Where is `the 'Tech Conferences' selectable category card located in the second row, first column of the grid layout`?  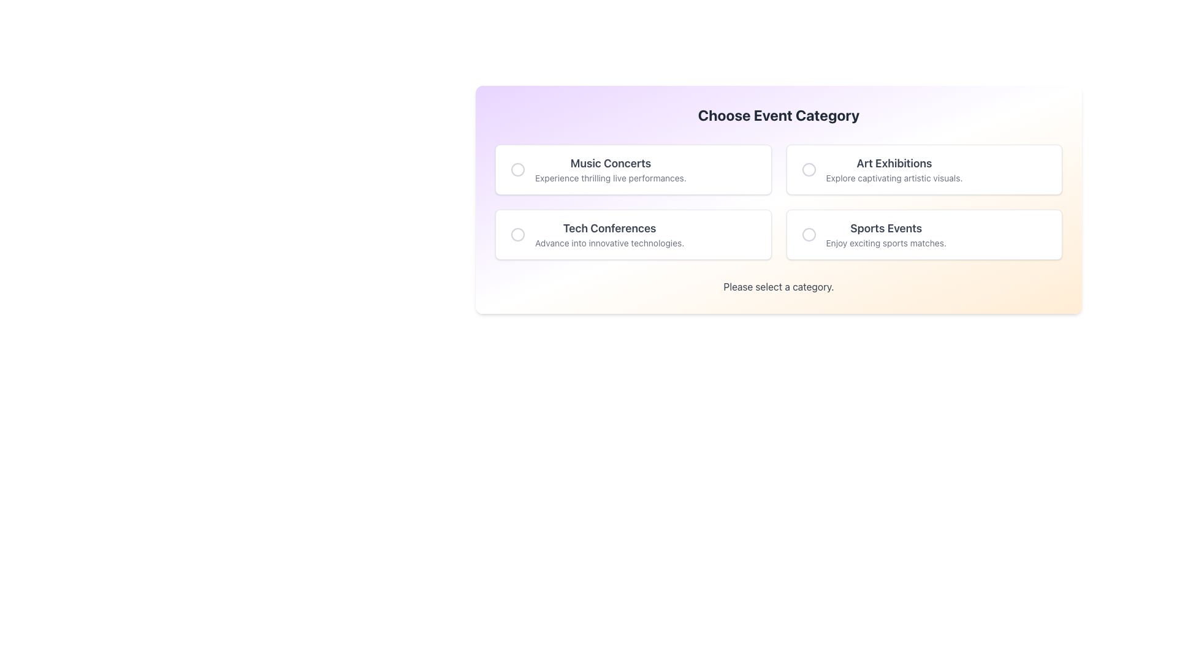
the 'Tech Conferences' selectable category card located in the second row, first column of the grid layout is located at coordinates (633, 234).